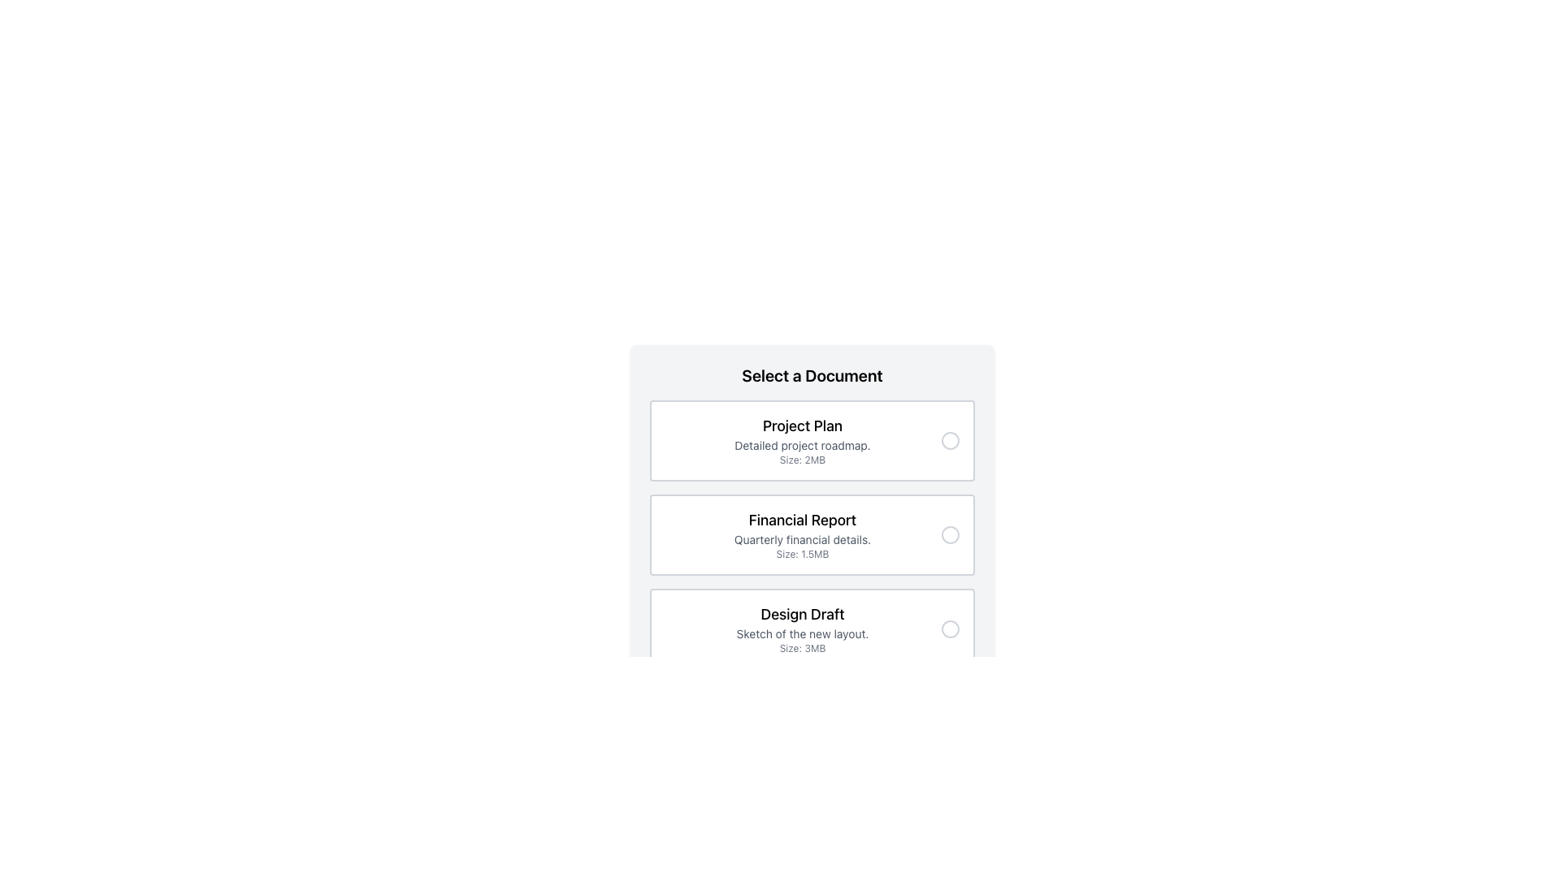 Image resolution: width=1560 pixels, height=877 pixels. Describe the element at coordinates (803, 539) in the screenshot. I see `the descriptive text element located beneath the 'Financial Report' title and above the 'Size: 1.5MB' text, which provides details about the 'Financial Report' option` at that location.